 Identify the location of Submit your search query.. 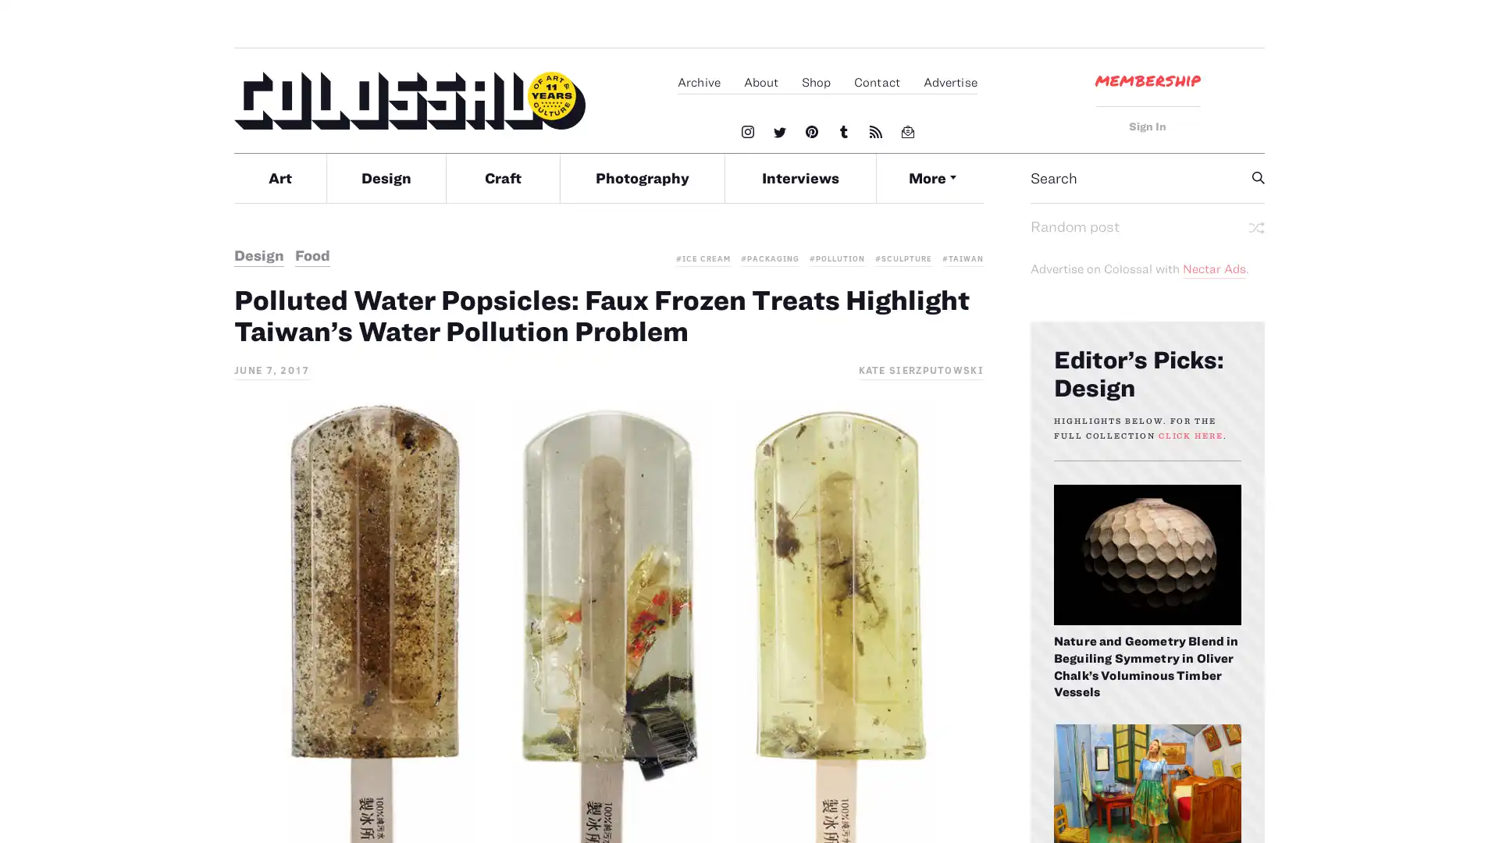
(1259, 176).